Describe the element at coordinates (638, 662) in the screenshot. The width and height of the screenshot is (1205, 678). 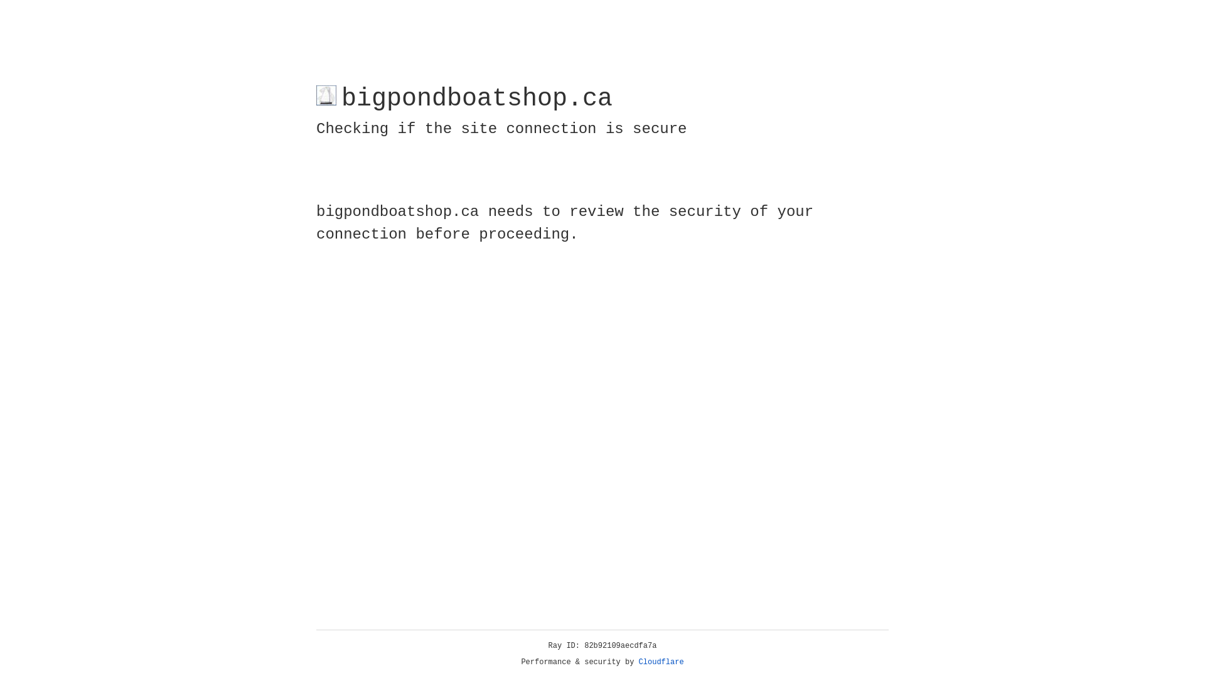
I see `'Cloudflare'` at that location.